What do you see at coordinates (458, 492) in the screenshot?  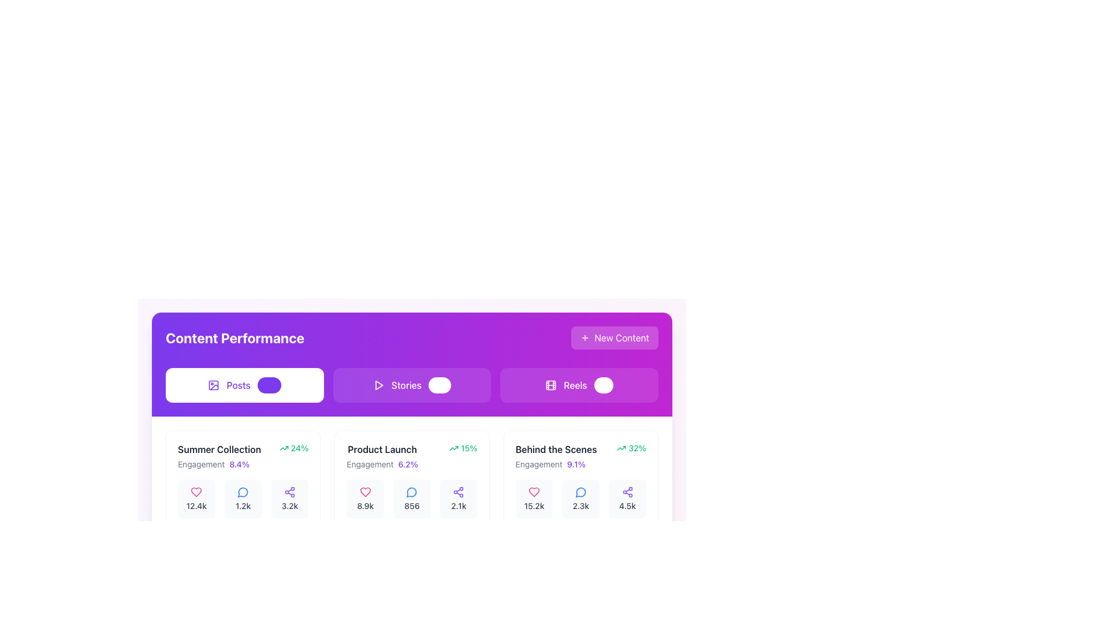 I see `the share icon button located centrally in the second column of the middle row under the 'Product Launch' section` at bounding box center [458, 492].